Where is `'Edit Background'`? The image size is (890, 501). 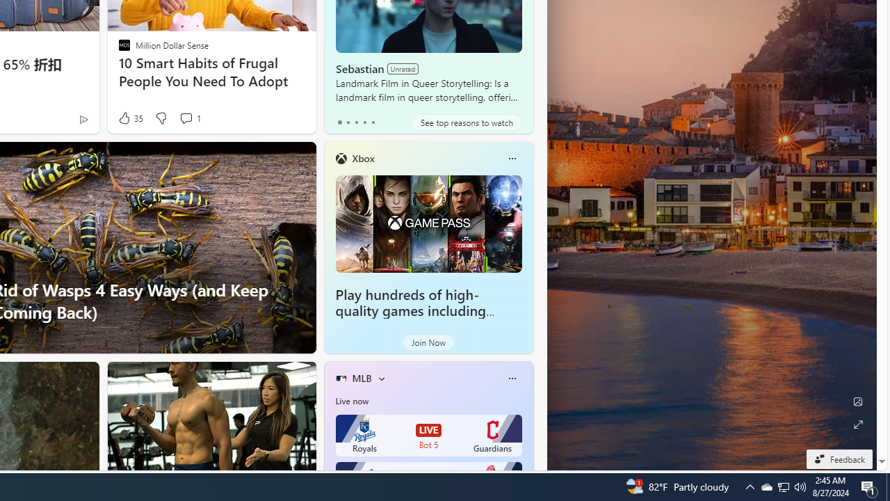
'Edit Background' is located at coordinates (857, 401).